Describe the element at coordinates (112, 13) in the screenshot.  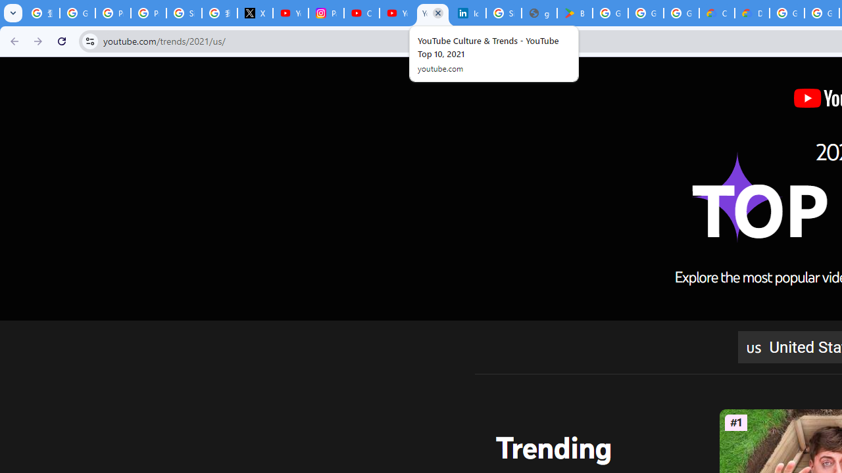
I see `'Privacy Help Center - Policies Help'` at that location.